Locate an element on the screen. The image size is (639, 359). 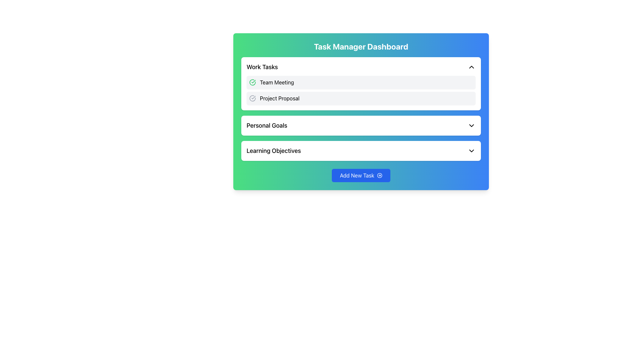
the black upward-facing chevron icon located on the far right of the 'Work Tasks' header is located at coordinates (471, 67).